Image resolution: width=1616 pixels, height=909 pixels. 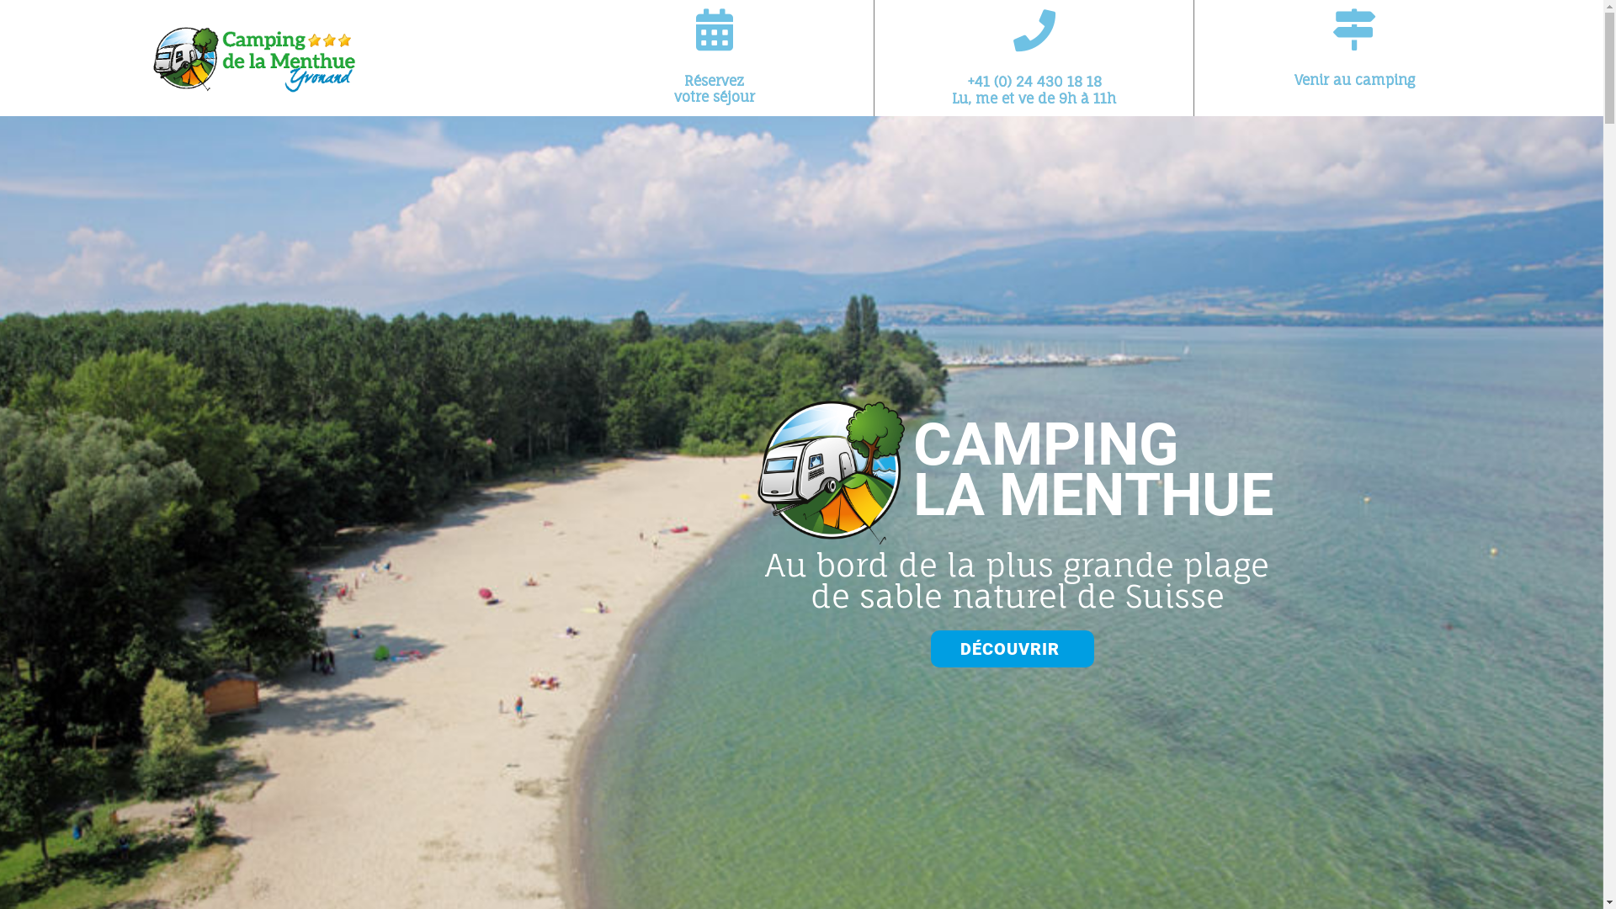 What do you see at coordinates (1293, 80) in the screenshot?
I see `'Venir au camping'` at bounding box center [1293, 80].